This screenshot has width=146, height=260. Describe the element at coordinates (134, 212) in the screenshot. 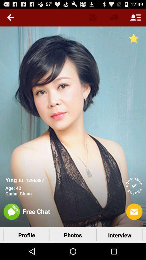

I see `the letter icon in the bottom left corner` at that location.